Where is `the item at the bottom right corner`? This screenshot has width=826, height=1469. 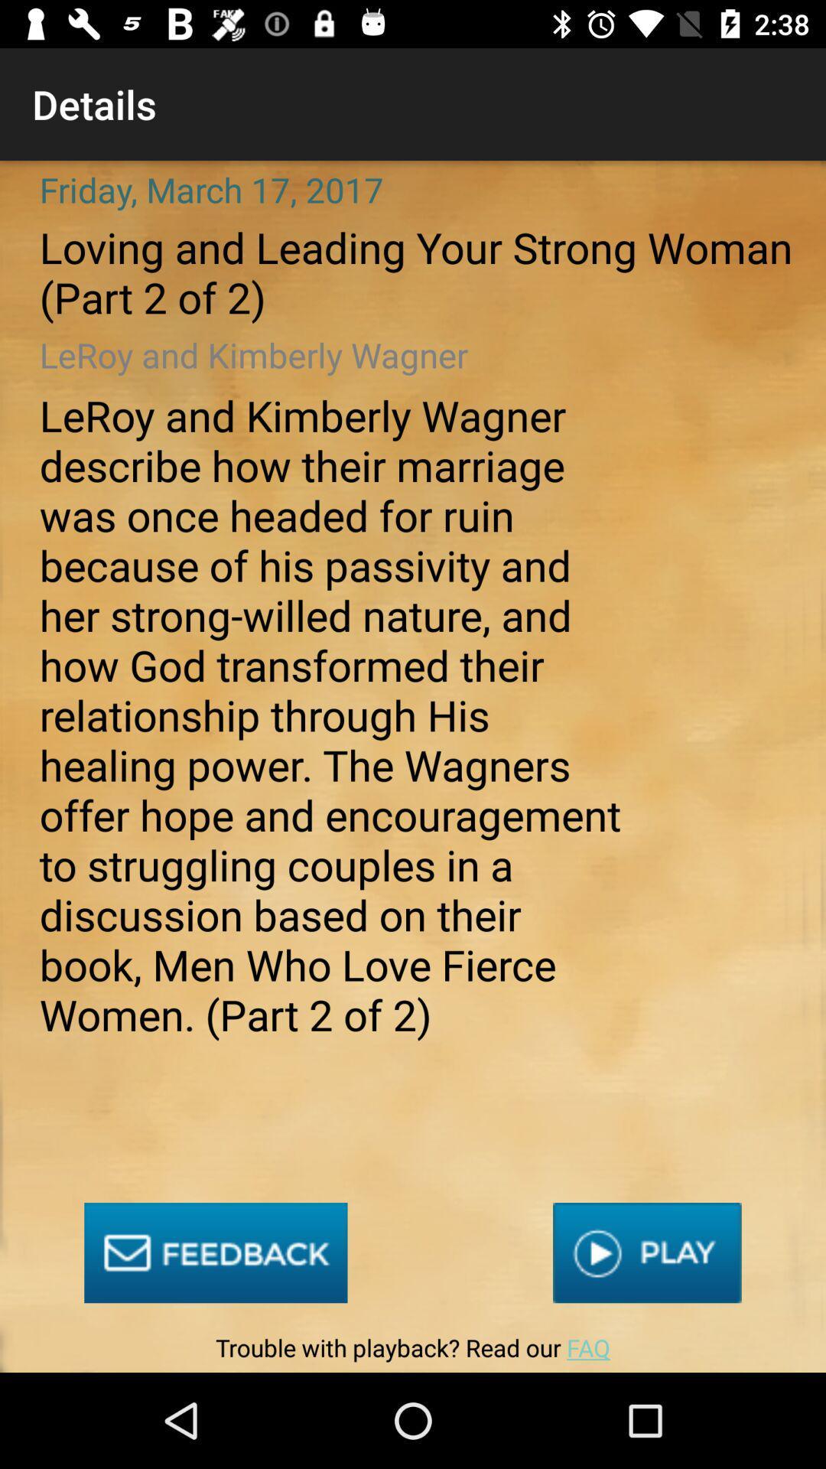
the item at the bottom right corner is located at coordinates (647, 1252).